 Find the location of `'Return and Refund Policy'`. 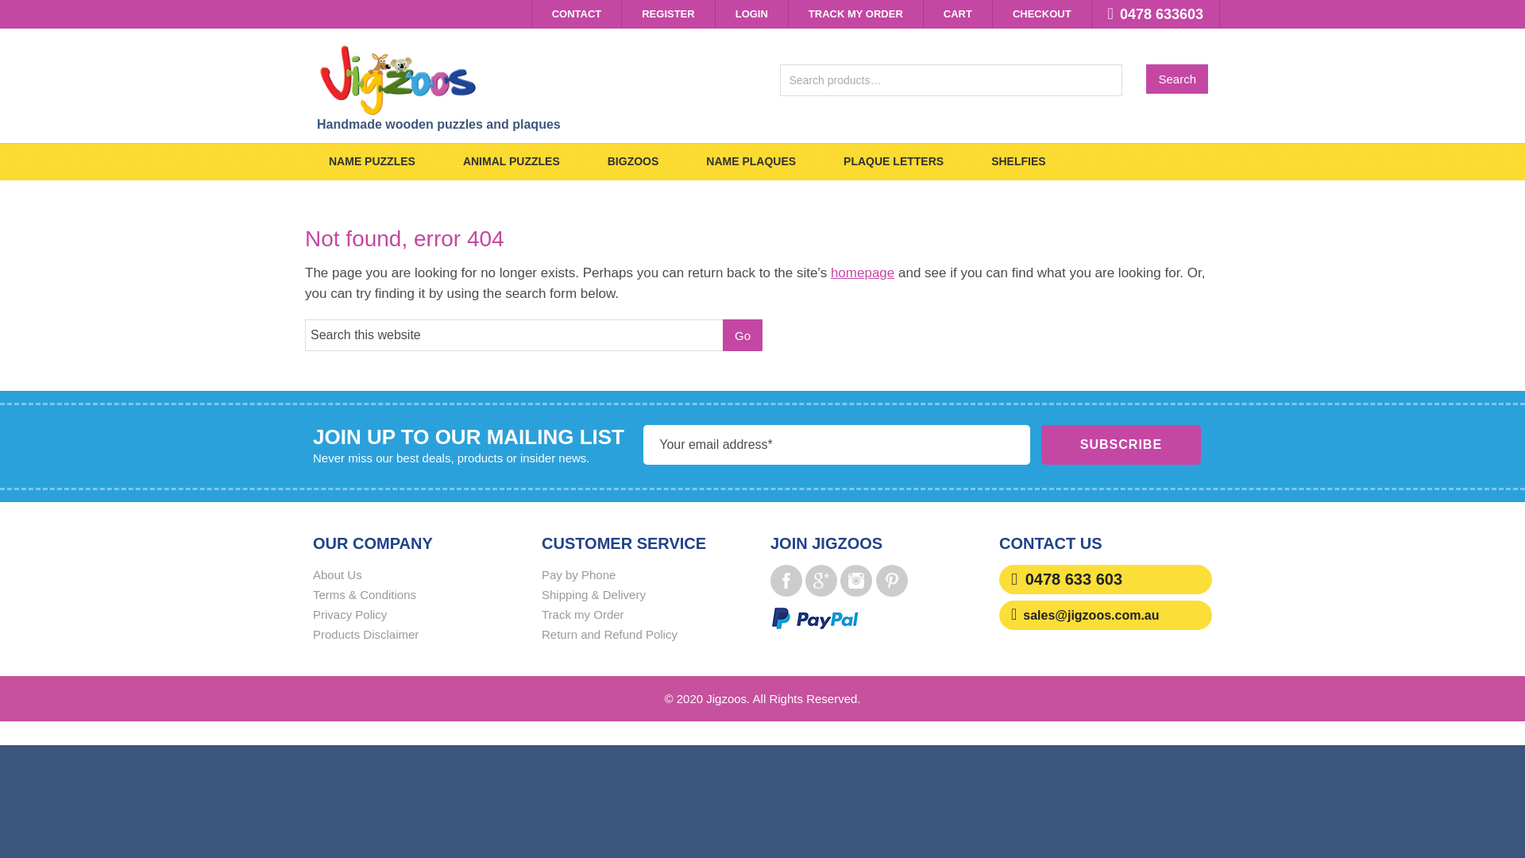

'Return and Refund Policy' is located at coordinates (541, 633).